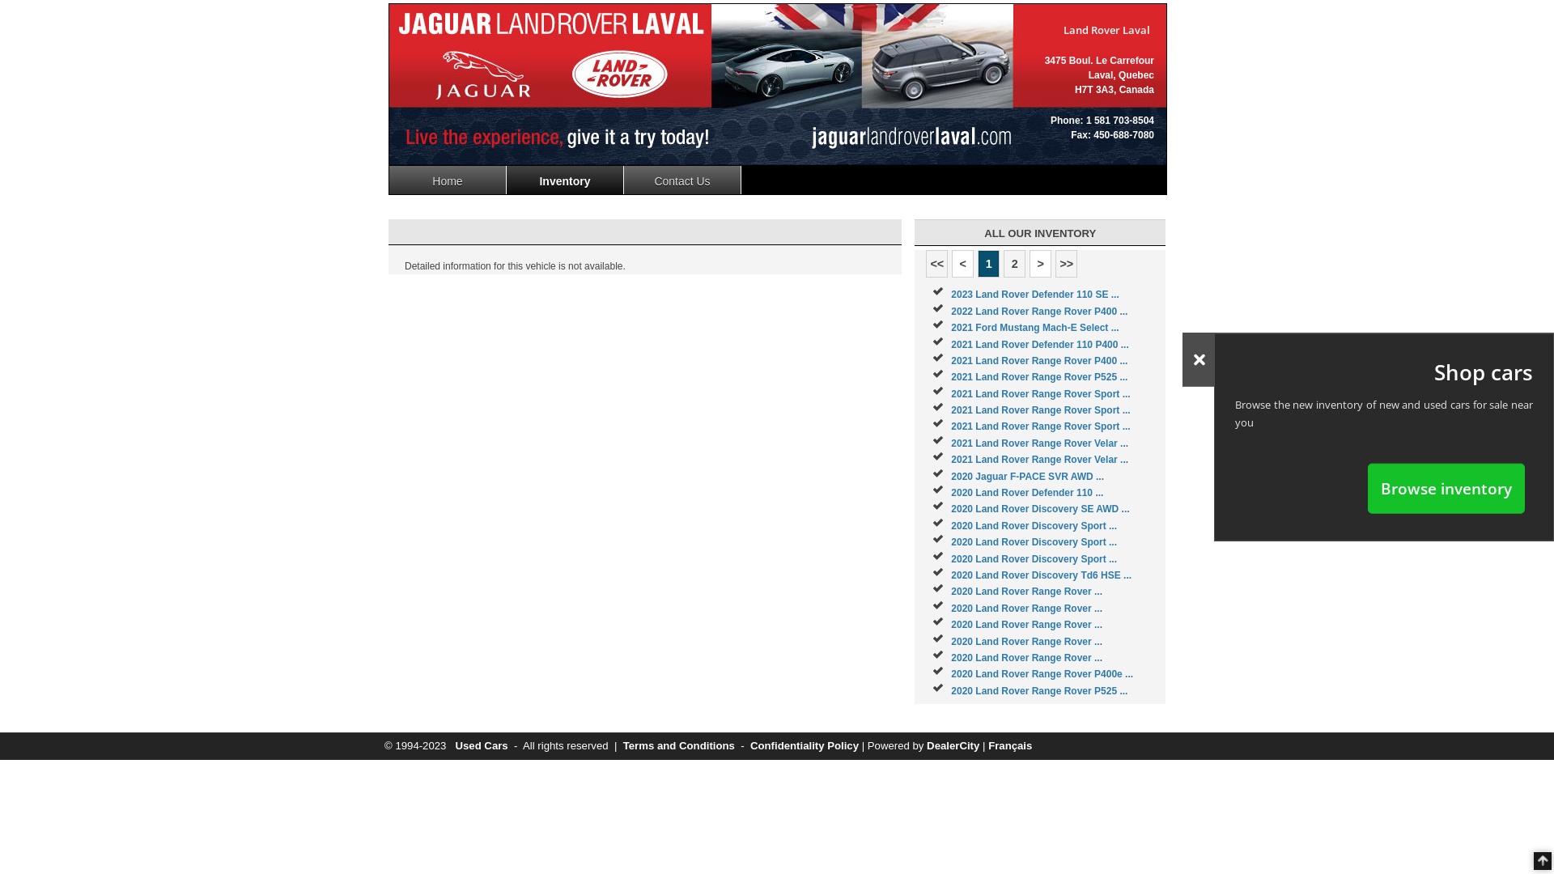  What do you see at coordinates (1038, 690) in the screenshot?
I see `'2020 Land Rover Range Rover P525 ...'` at bounding box center [1038, 690].